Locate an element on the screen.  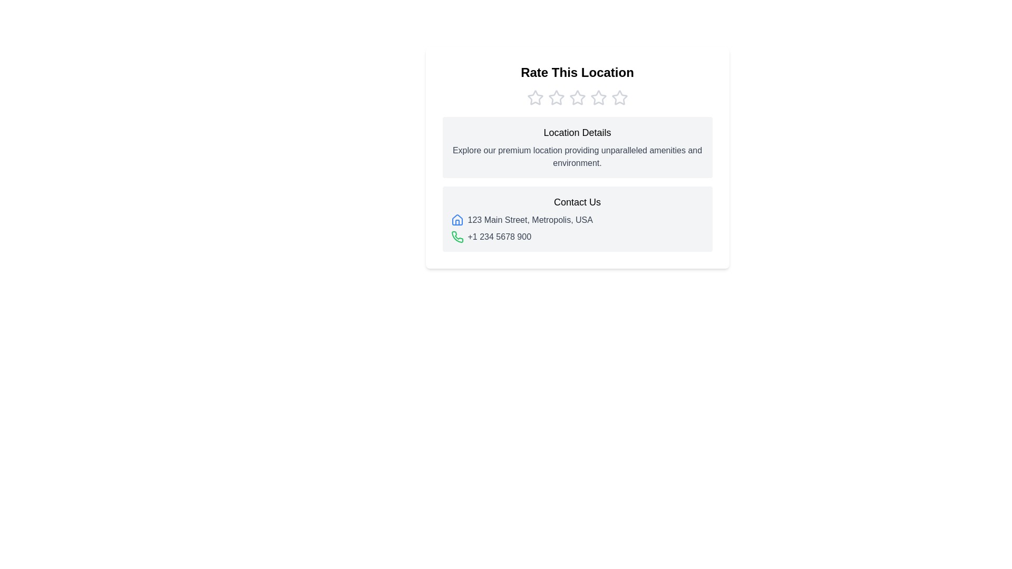
Text Label that serves as a heading for the contact information section, positioned near the center horizontally, above the address and phone number details is located at coordinates (577, 202).